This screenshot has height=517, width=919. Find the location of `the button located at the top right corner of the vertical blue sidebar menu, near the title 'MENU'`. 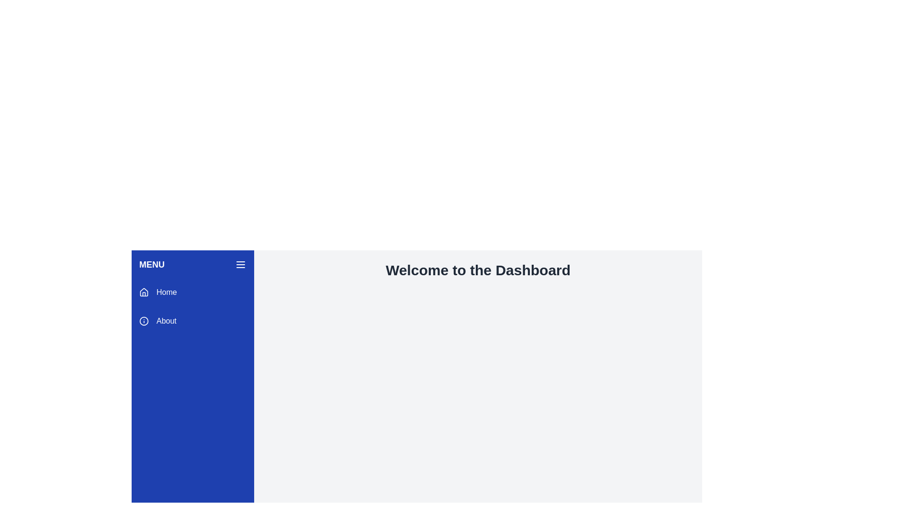

the button located at the top right corner of the vertical blue sidebar menu, near the title 'MENU' is located at coordinates (241, 264).